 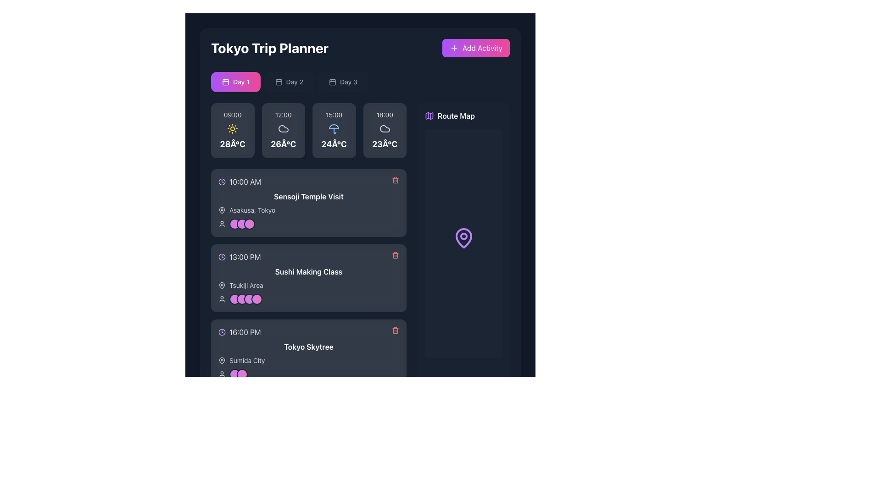 I want to click on the main rectangular icon of the calendar, which represents date-related functionality and is located at the top of the planner interface, below the text 'Day 1', so click(x=332, y=82).